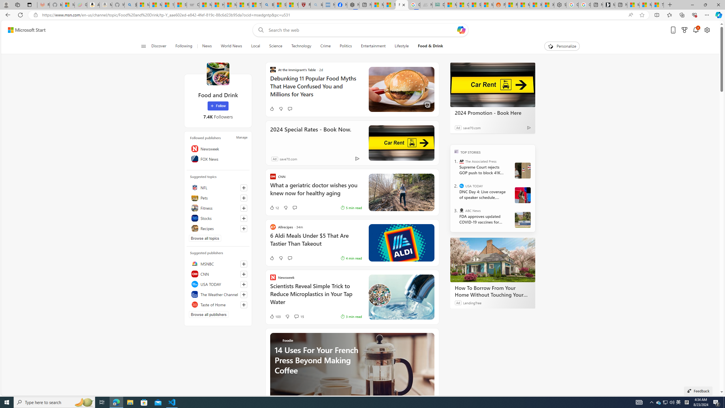  Describe the element at coordinates (218, 188) in the screenshot. I see `'NFL'` at that location.